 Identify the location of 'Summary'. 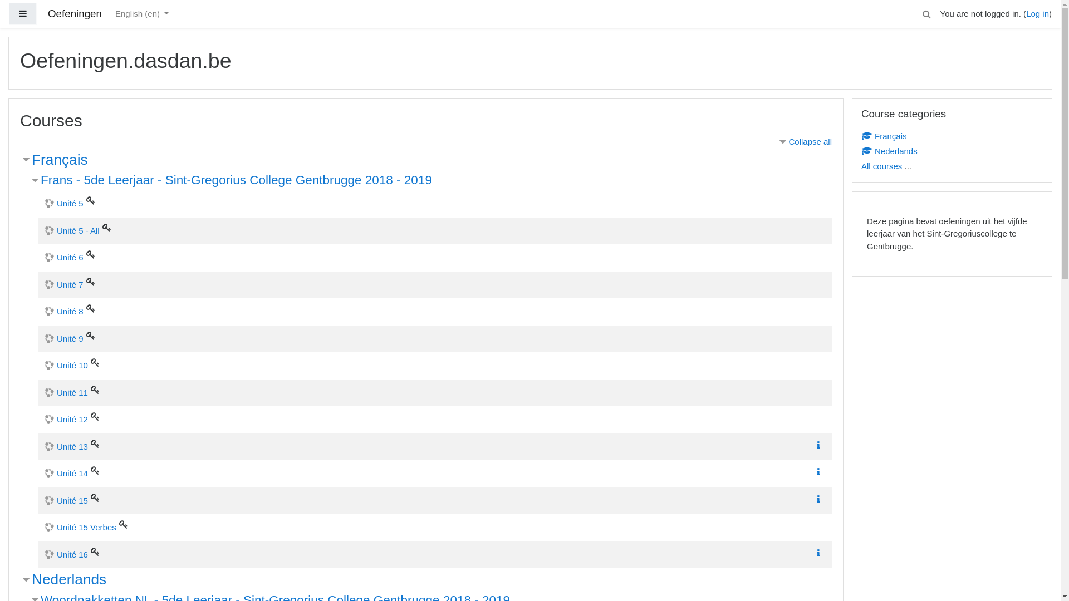
(820, 498).